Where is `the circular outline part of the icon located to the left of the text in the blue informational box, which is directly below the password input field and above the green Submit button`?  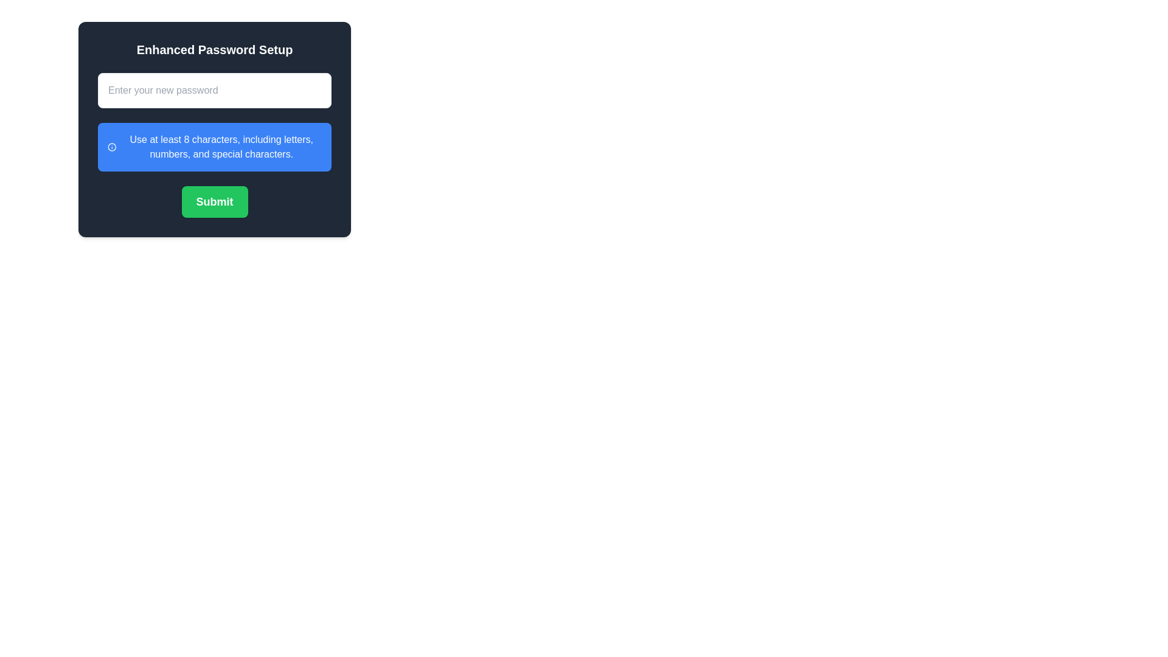
the circular outline part of the icon located to the left of the text in the blue informational box, which is directly below the password input field and above the green Submit button is located at coordinates (112, 147).